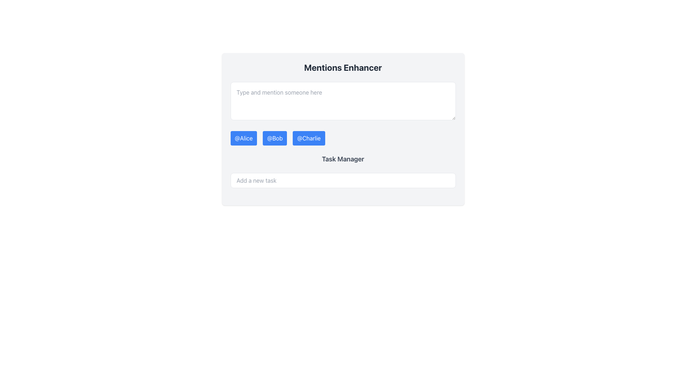 The width and height of the screenshot is (693, 390). Describe the element at coordinates (343, 101) in the screenshot. I see `a selection within the text area input field styled with light gray borders and rounded corners, located in the 'Mentions Enhancer' card` at that location.